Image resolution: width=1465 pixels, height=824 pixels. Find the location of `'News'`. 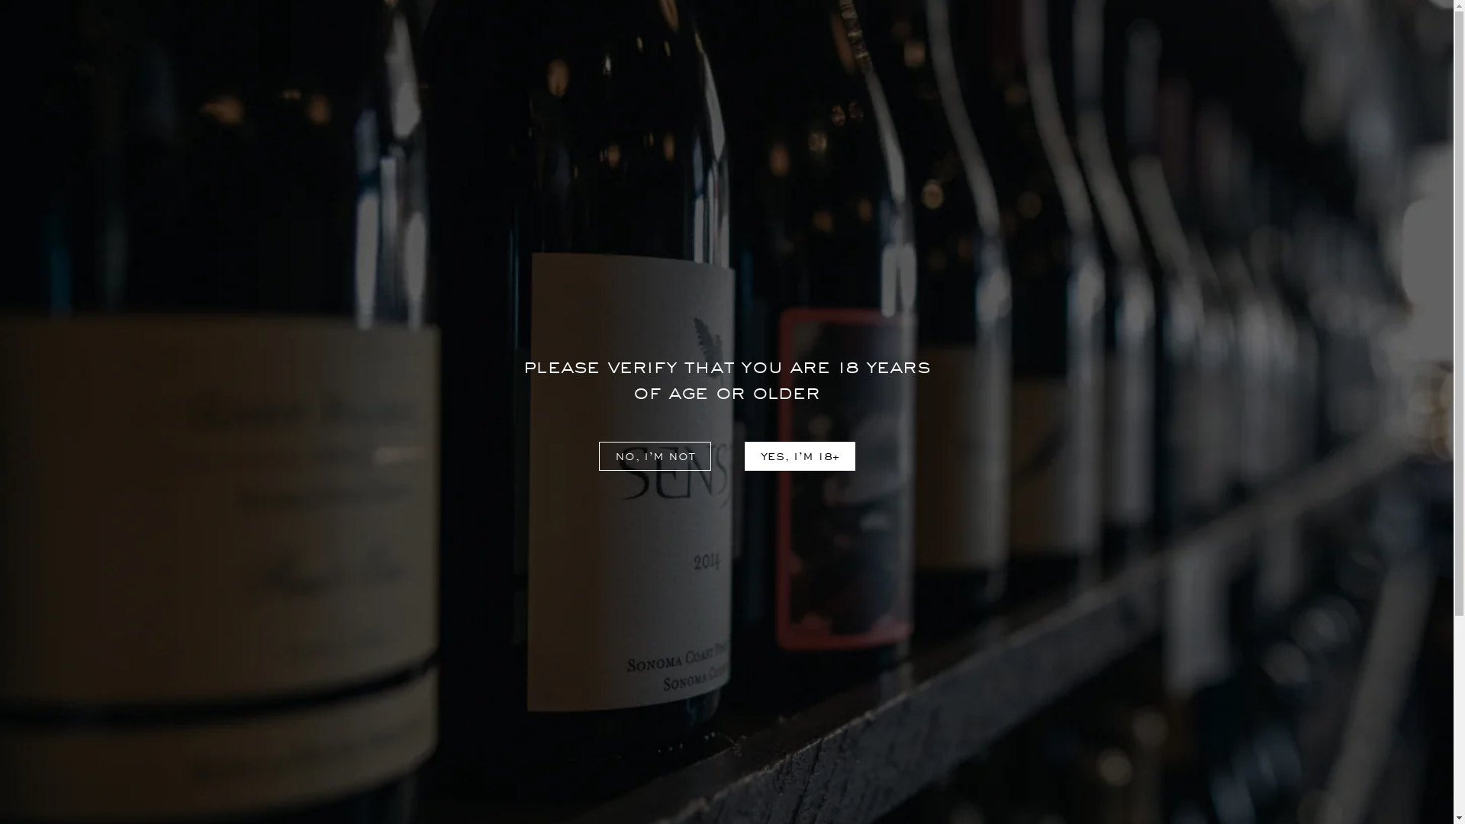

'News' is located at coordinates (48, 48).